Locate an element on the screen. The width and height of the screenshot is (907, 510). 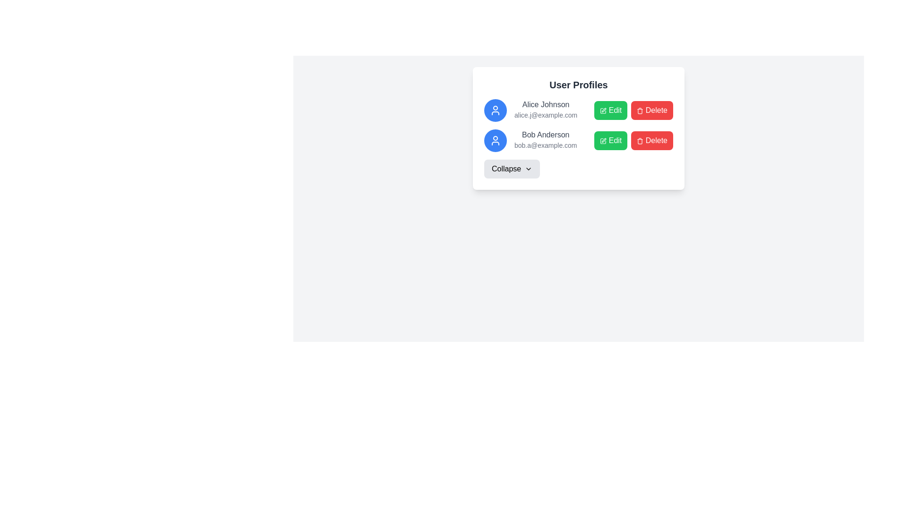
the text label displaying the user 'Bob Anderson' located in the 'User Profiles' section is located at coordinates (546, 140).